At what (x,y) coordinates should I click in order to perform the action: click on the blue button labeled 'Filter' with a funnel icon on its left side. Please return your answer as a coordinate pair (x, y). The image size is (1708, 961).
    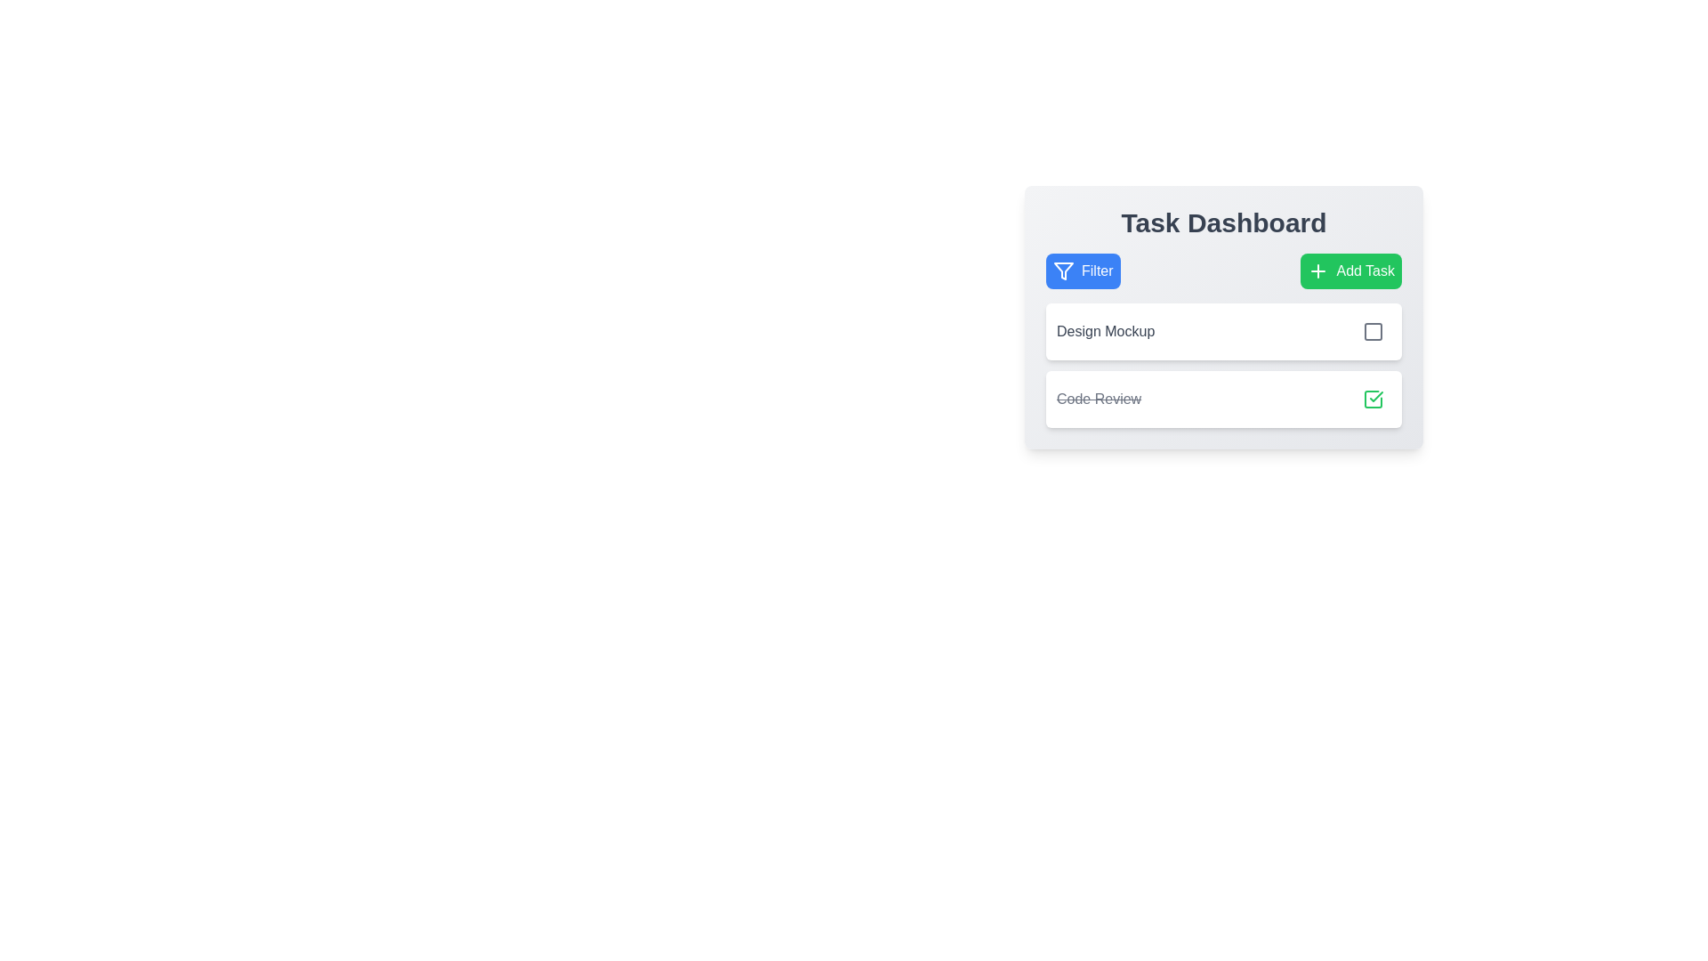
    Looking at the image, I should click on (1082, 271).